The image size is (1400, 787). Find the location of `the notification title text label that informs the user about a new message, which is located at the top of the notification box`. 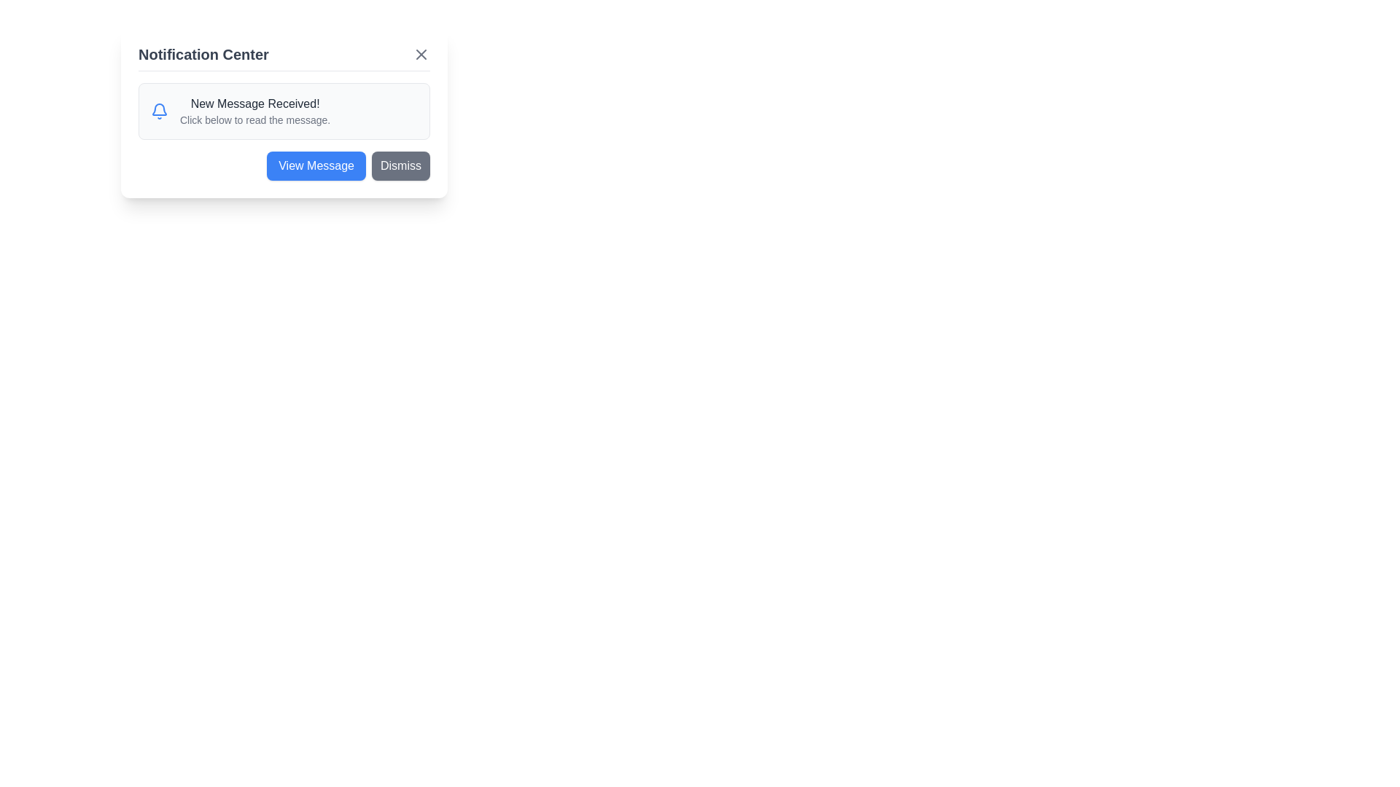

the notification title text label that informs the user about a new message, which is located at the top of the notification box is located at coordinates (255, 103).